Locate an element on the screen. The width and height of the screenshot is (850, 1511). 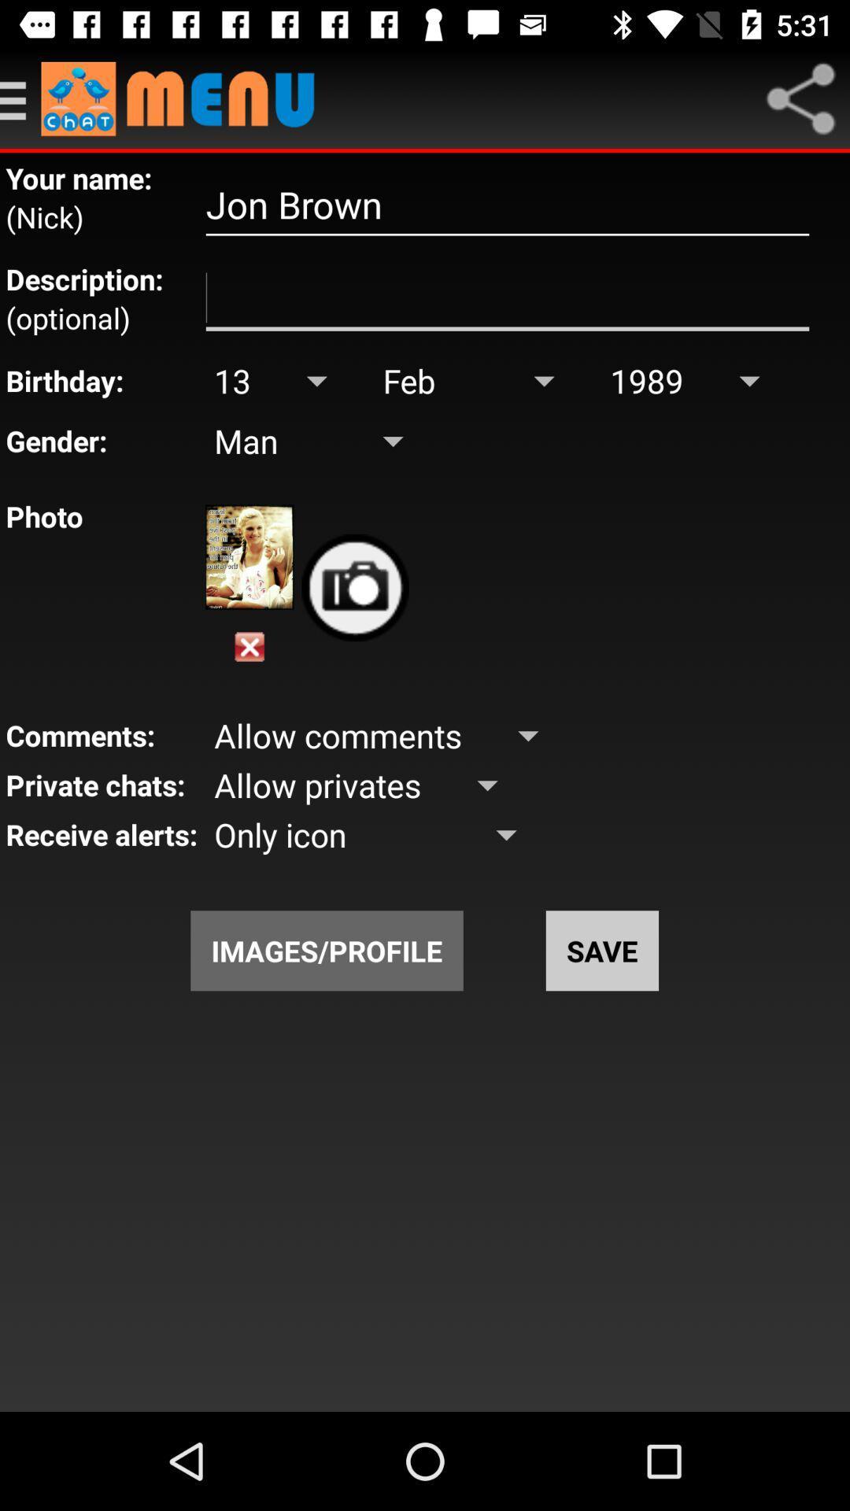
share button is located at coordinates (800, 98).